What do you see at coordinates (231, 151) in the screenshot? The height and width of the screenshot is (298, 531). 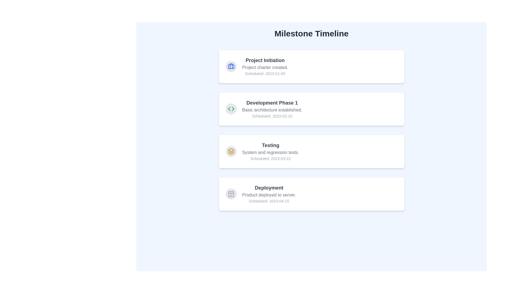 I see `the circular milestone icon for 'Testing'` at bounding box center [231, 151].